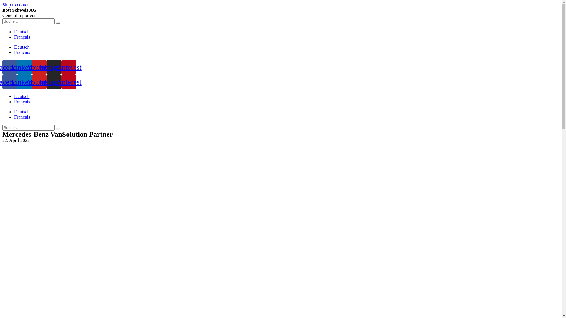  What do you see at coordinates (22, 47) in the screenshot?
I see `'Deutsch'` at bounding box center [22, 47].